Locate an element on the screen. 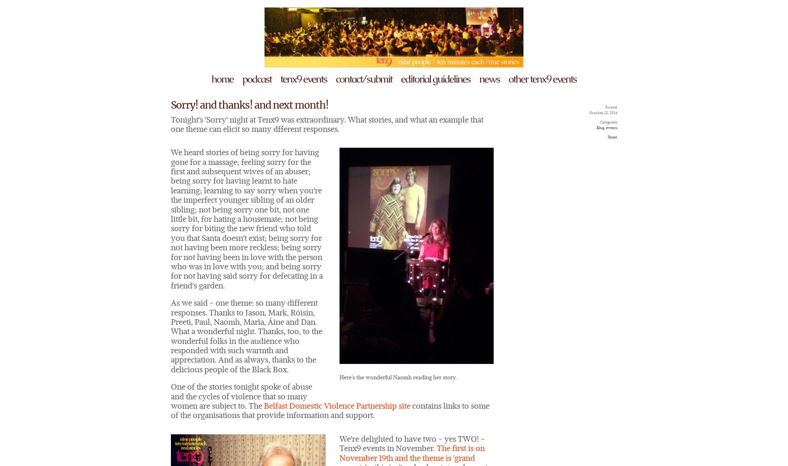  'editorial guidelines' is located at coordinates (435, 79).